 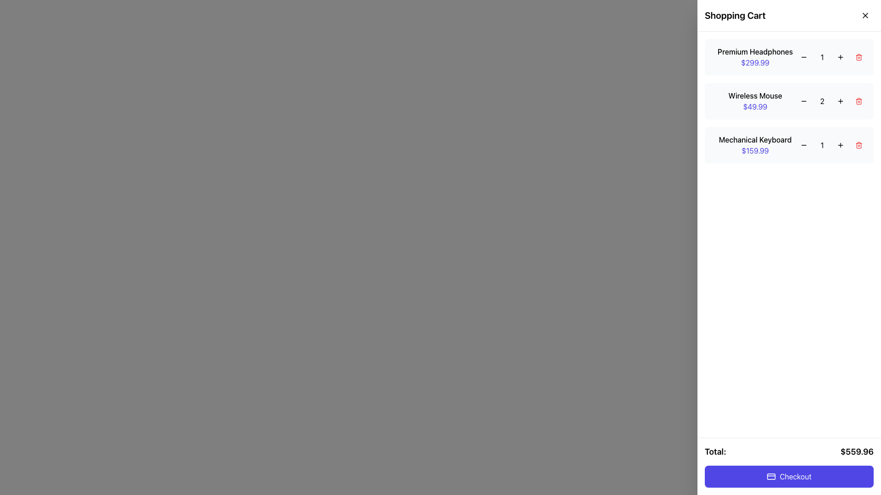 What do you see at coordinates (841, 101) in the screenshot?
I see `the plus icon button to increase the item quantity for the 'Wireless Mouse' in the cart interface` at bounding box center [841, 101].